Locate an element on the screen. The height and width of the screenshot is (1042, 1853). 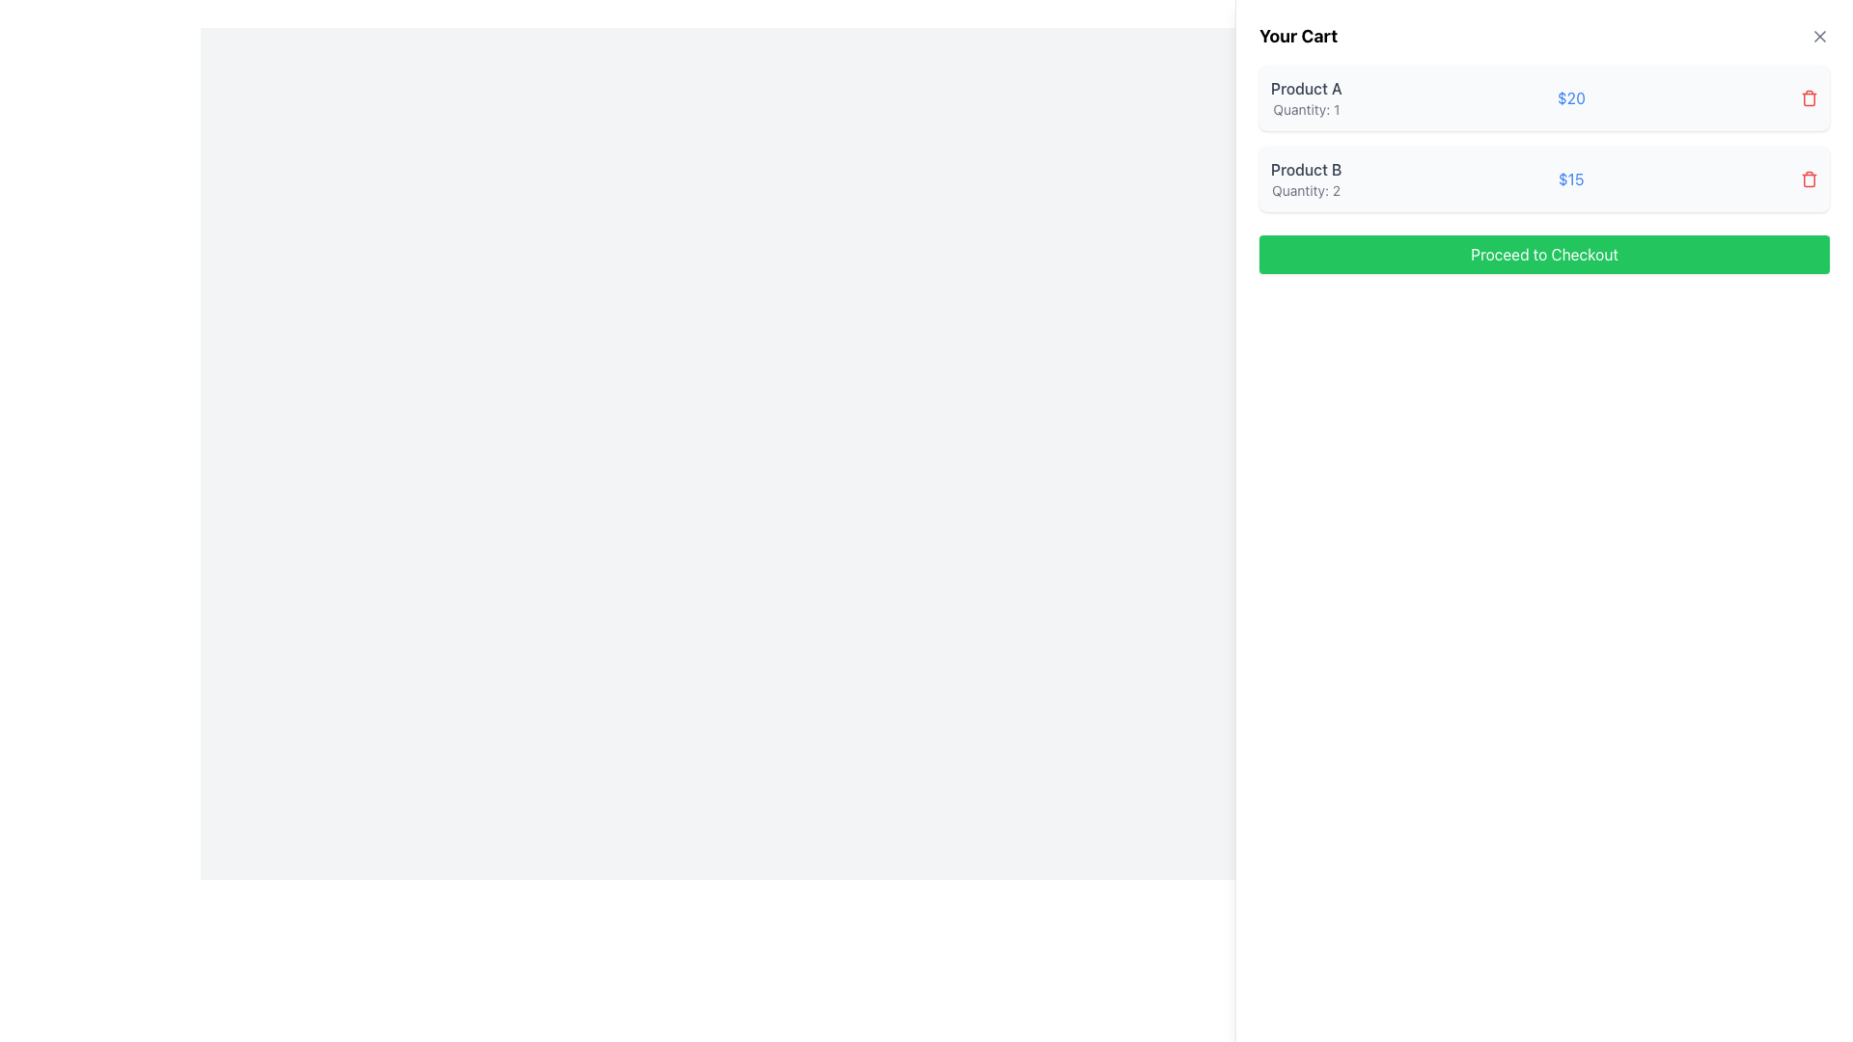
the red trash bin icon button located at the top-right corner of the 'Product B' item row in the cart summary is located at coordinates (1809, 178).